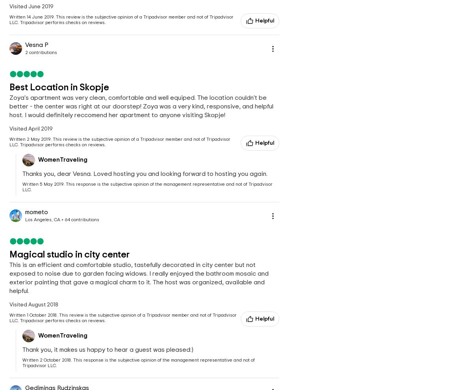  What do you see at coordinates (43, 184) in the screenshot?
I see `'Written 5 May 2019'` at bounding box center [43, 184].